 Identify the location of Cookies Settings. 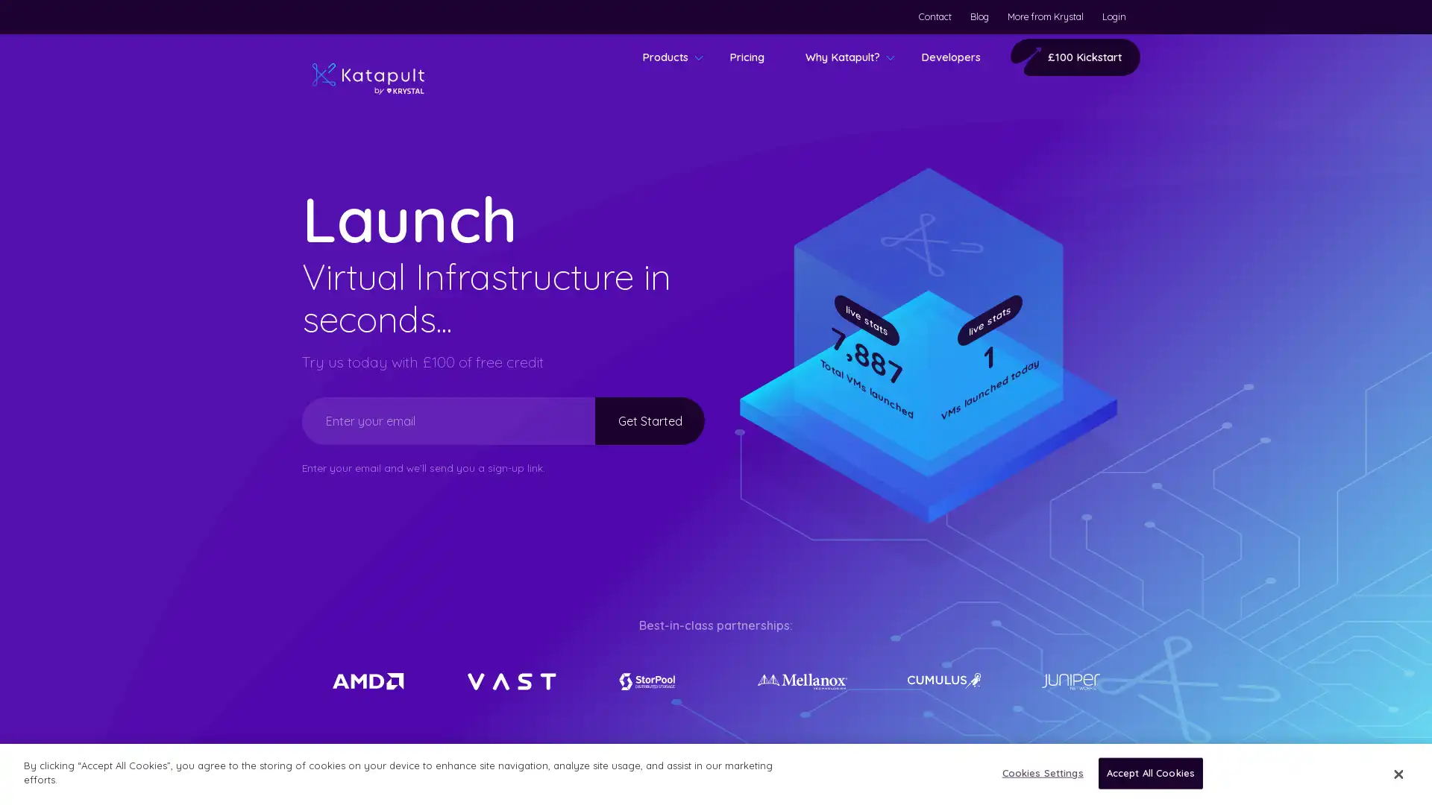
(1037, 772).